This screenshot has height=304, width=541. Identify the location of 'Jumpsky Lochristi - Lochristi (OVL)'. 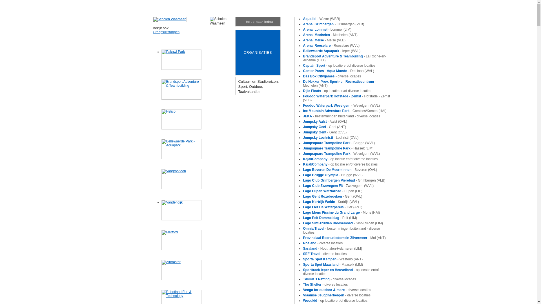
(303, 138).